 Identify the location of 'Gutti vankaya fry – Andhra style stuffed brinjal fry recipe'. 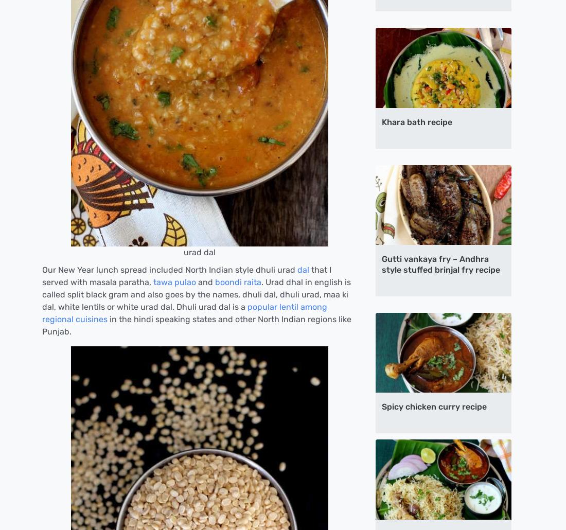
(440, 263).